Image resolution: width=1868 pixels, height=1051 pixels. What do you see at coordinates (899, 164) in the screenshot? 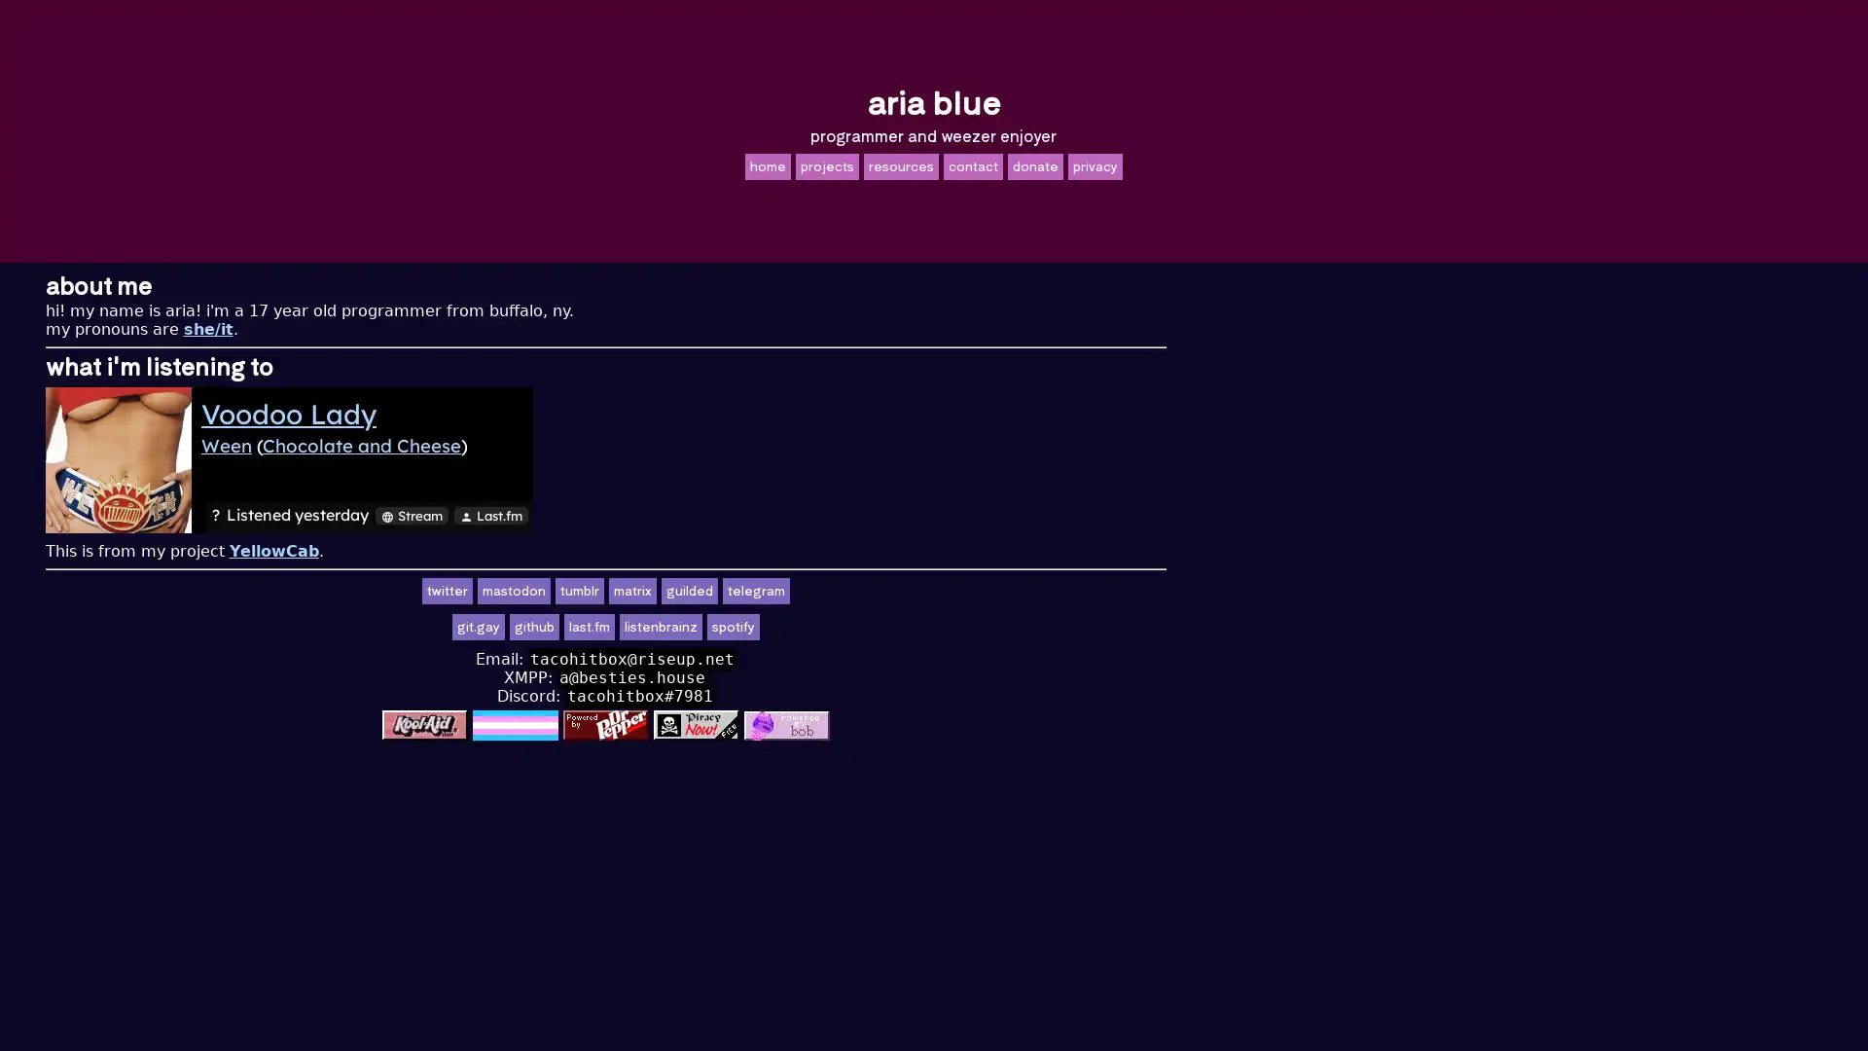
I see `resources` at bounding box center [899, 164].